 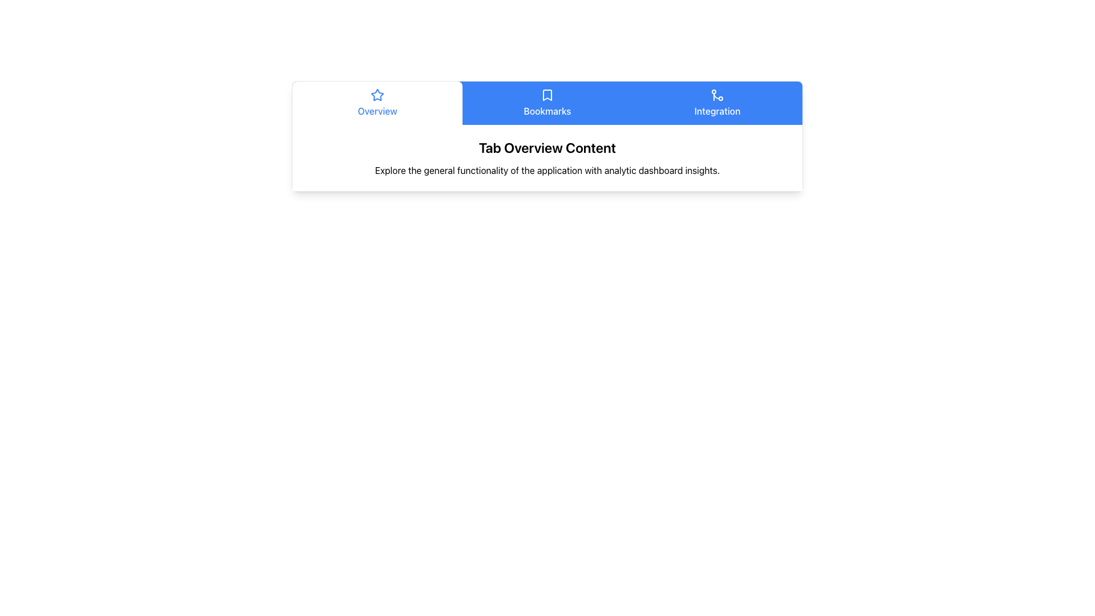 What do you see at coordinates (547, 103) in the screenshot?
I see `the 'Bookmarks' tab in the Tab Navigation Bar, which is a rectangular section with a blue background and white text, positioned at the top of the interface` at bounding box center [547, 103].